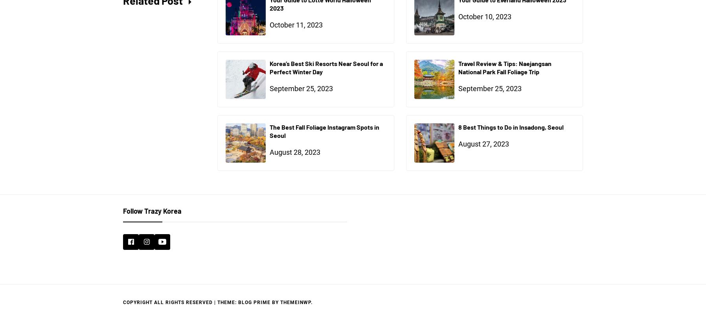  Describe the element at coordinates (505, 67) in the screenshot. I see `'Travel Review & Tips: Naejangsan National Park Fall Foliage Trip'` at that location.